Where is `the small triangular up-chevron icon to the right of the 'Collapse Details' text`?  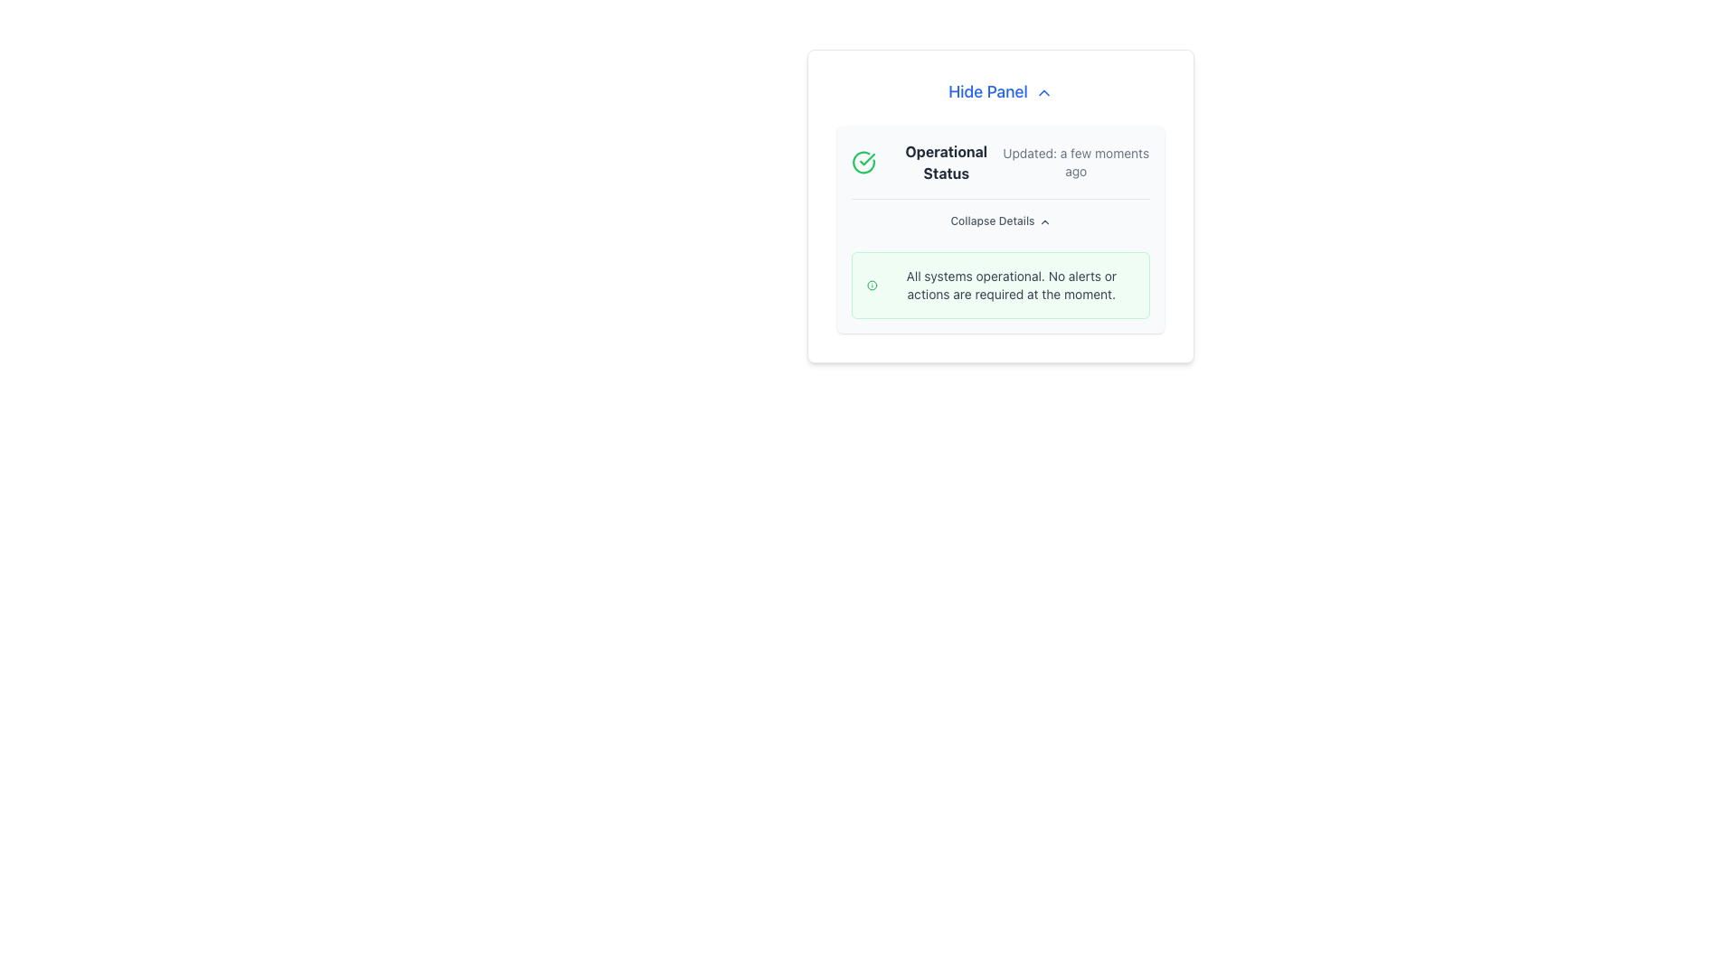 the small triangular up-chevron icon to the right of the 'Collapse Details' text is located at coordinates (1044, 221).